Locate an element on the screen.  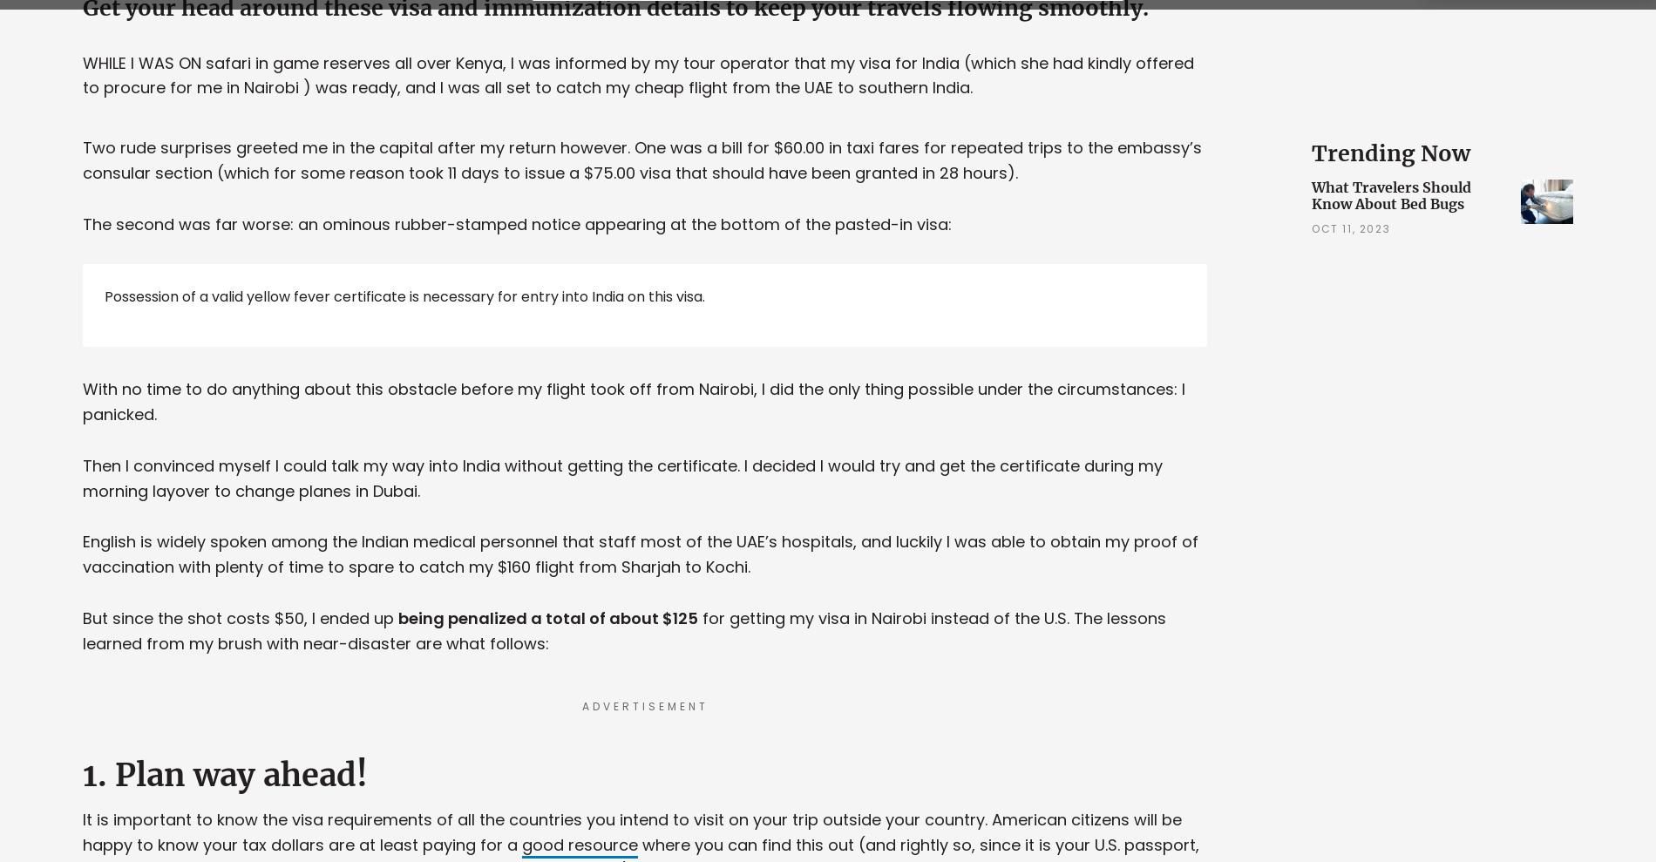
'It is important to know the visa requirements of all the countries you intend to visit on your trip outside your country. American citizens will be happy to know your tax dollars are at least paying for a' is located at coordinates (83, 831).